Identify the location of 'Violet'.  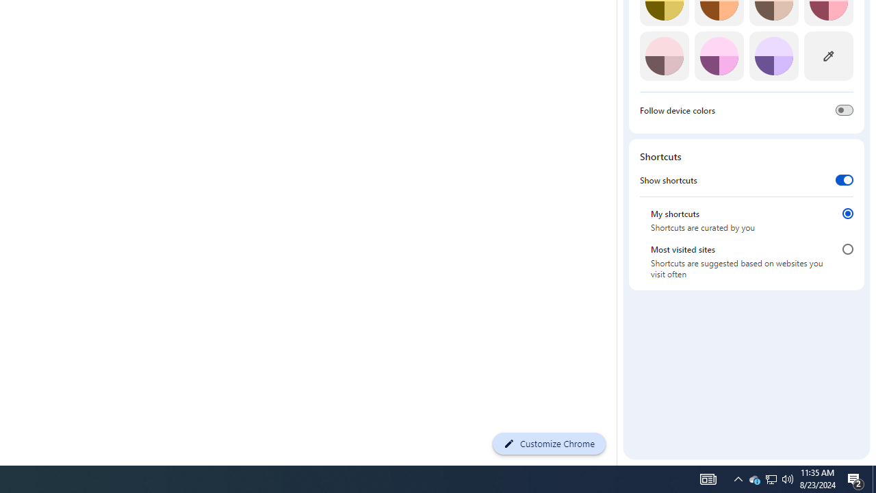
(773, 55).